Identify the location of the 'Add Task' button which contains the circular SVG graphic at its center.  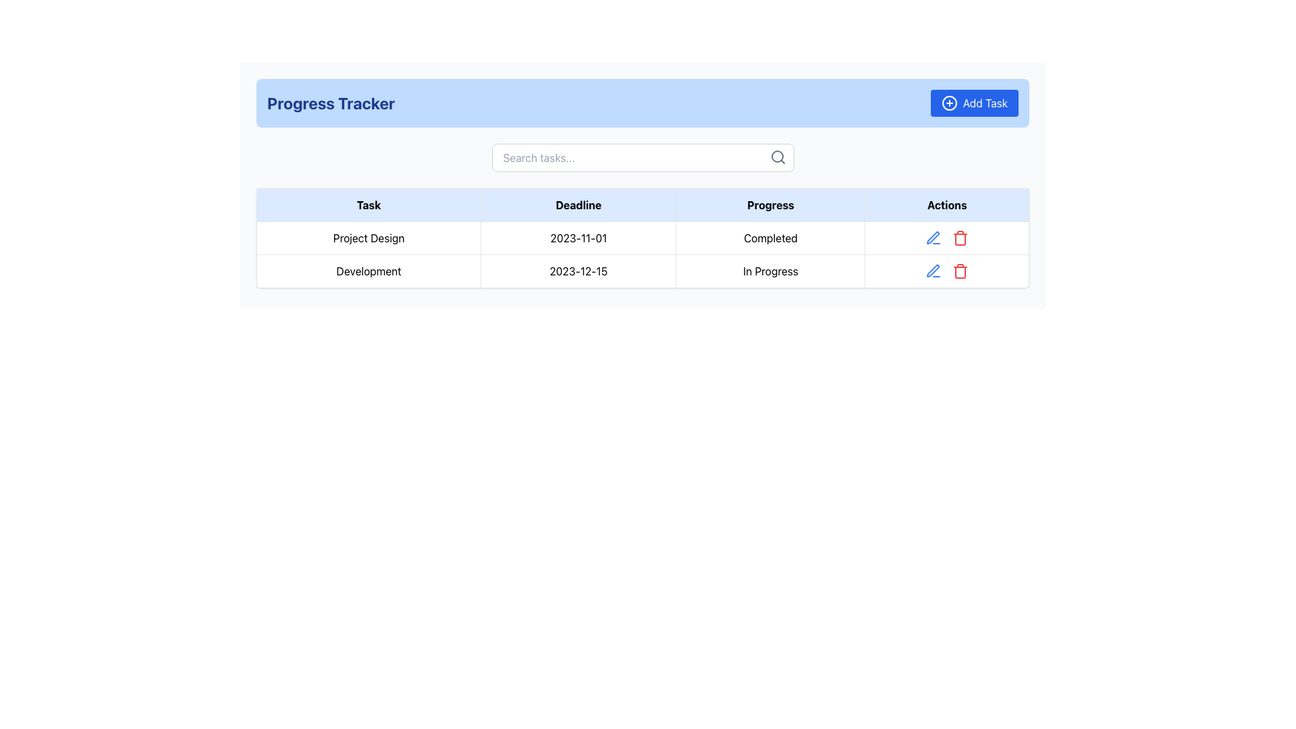
(948, 103).